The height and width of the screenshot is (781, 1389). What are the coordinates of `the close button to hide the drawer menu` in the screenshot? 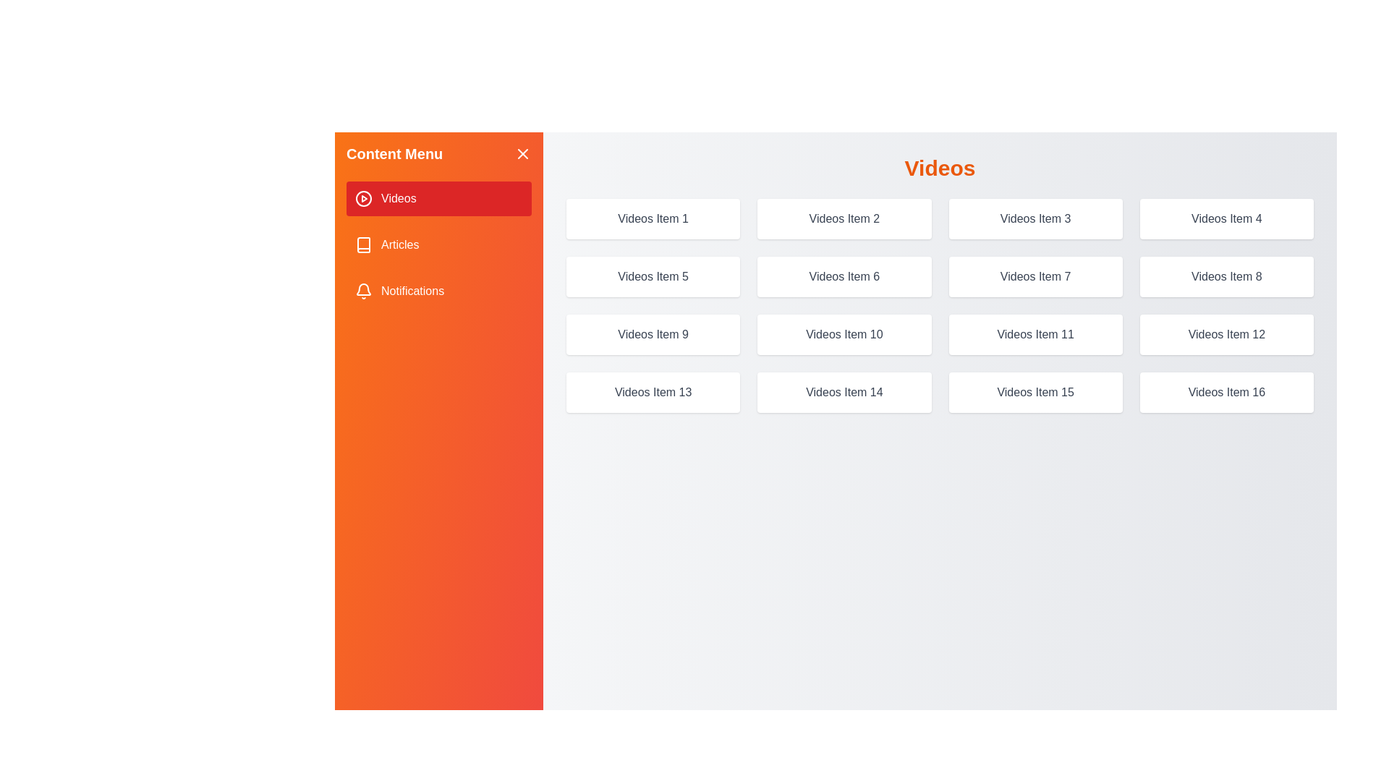 It's located at (522, 153).